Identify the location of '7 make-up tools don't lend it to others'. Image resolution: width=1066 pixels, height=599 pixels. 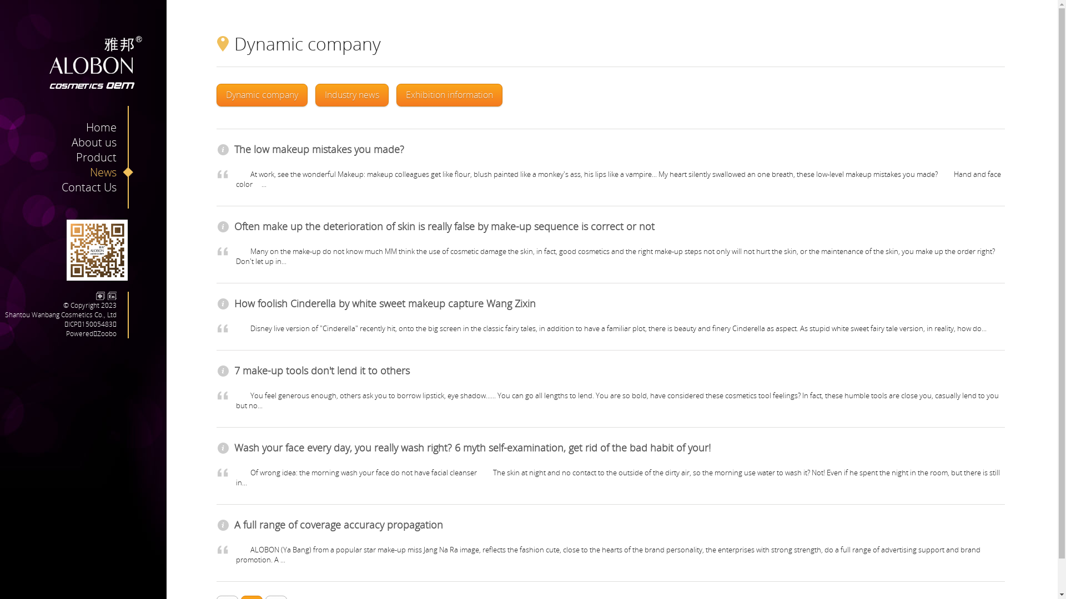
(321, 370).